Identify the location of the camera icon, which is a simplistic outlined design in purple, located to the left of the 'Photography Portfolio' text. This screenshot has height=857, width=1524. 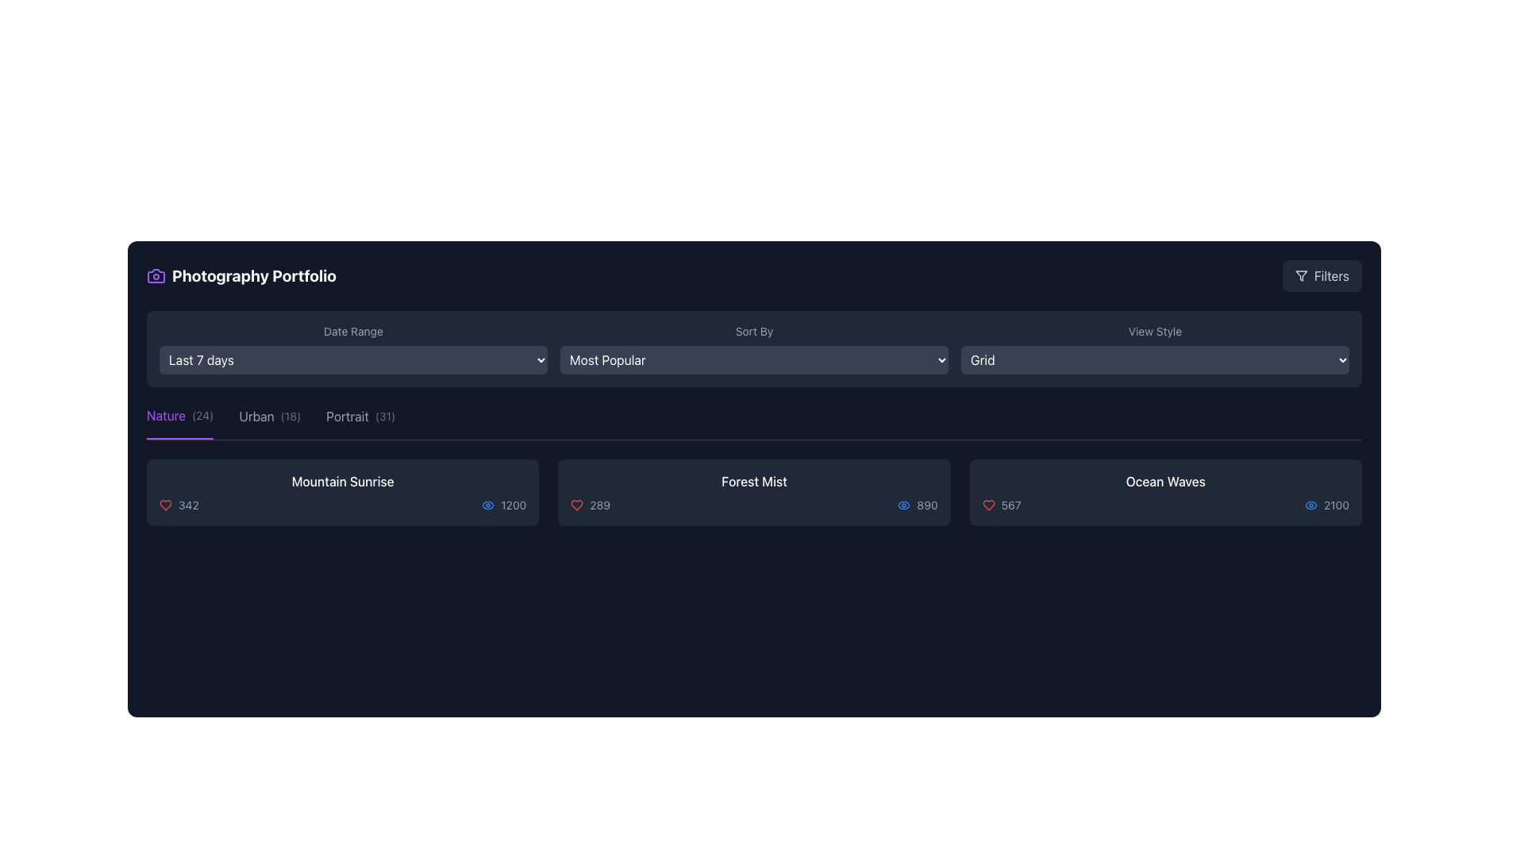
(156, 275).